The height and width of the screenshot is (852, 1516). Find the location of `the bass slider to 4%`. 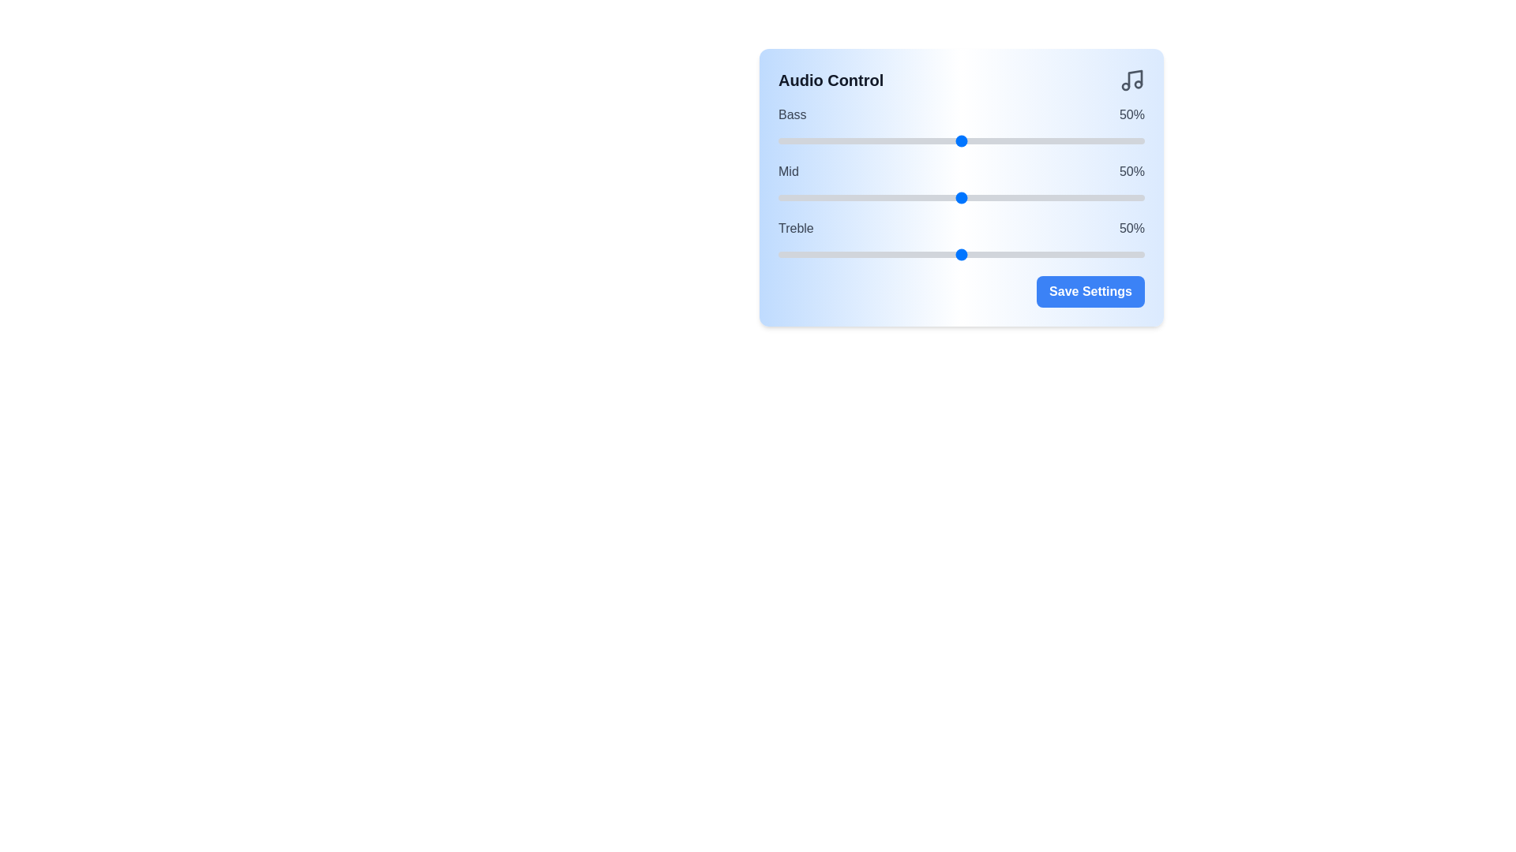

the bass slider to 4% is located at coordinates (793, 140).